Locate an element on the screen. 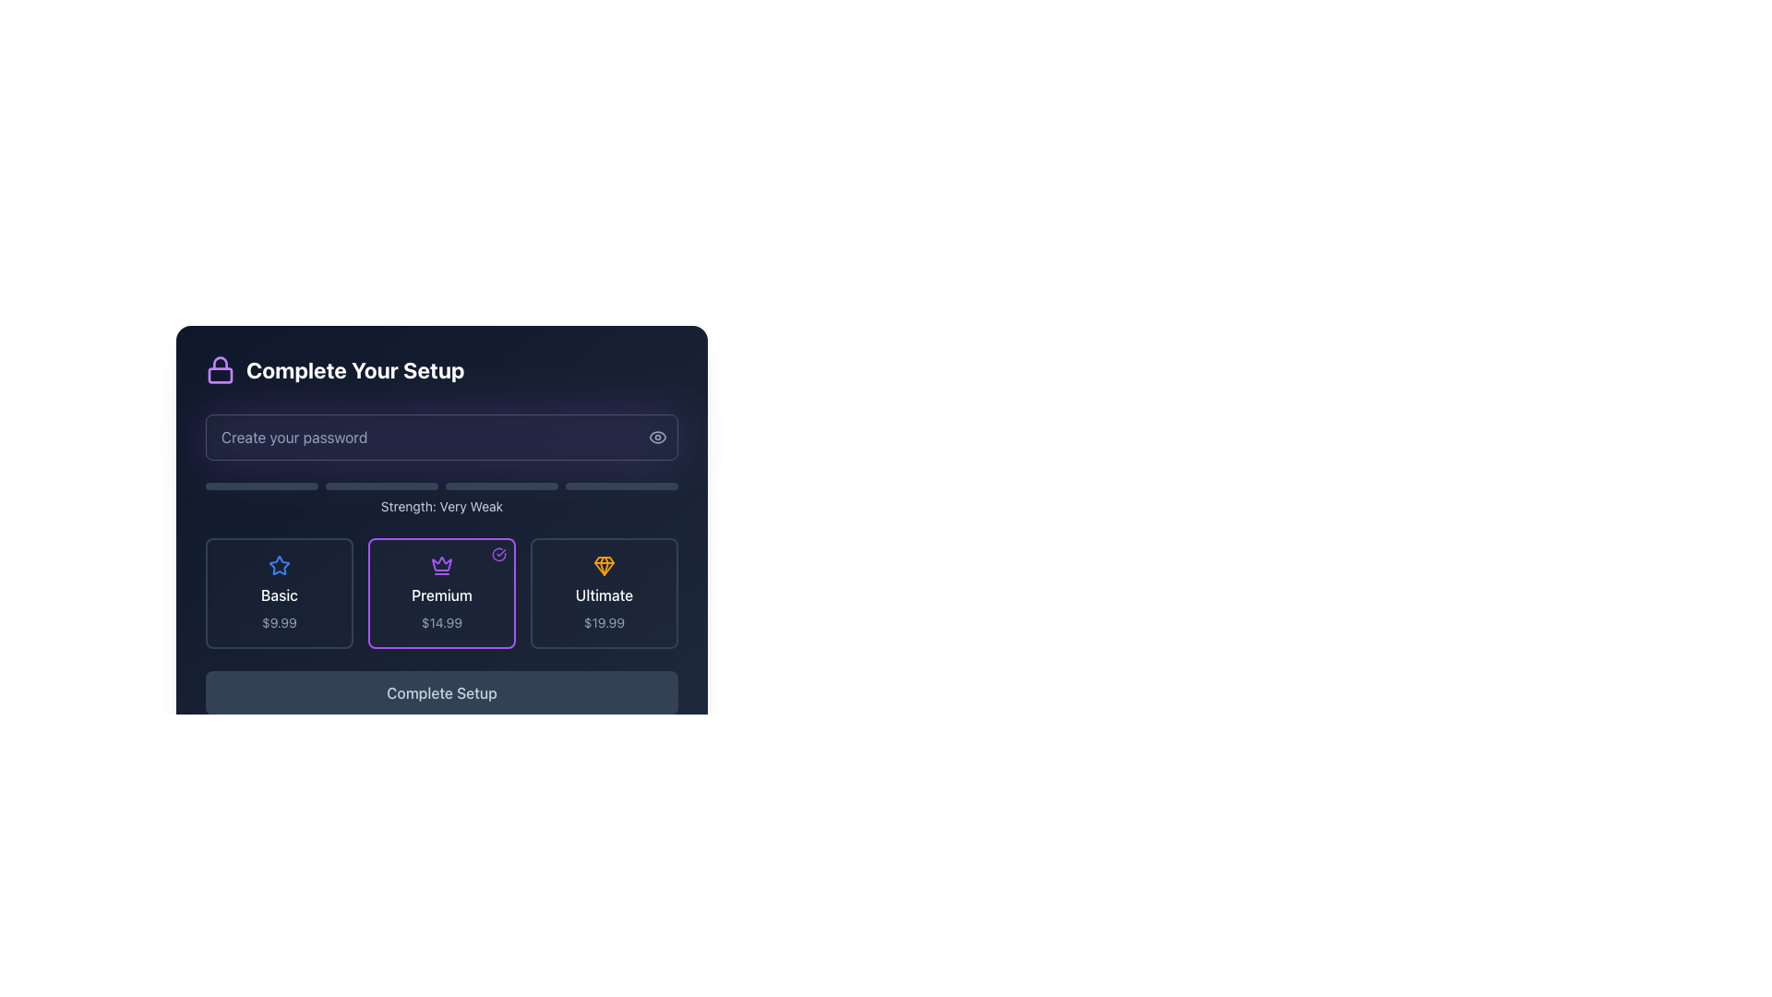 Image resolution: width=1772 pixels, height=997 pixels. the text label displaying the word 'Ultimate' in white font, located at the bottom-center of the 'Ultimate' pricing card in a dark-themed interface is located at coordinates (604, 595).